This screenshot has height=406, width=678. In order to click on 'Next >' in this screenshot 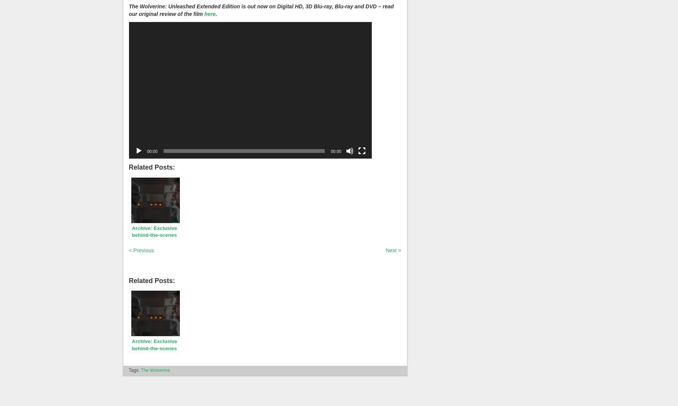, I will do `click(385, 250)`.